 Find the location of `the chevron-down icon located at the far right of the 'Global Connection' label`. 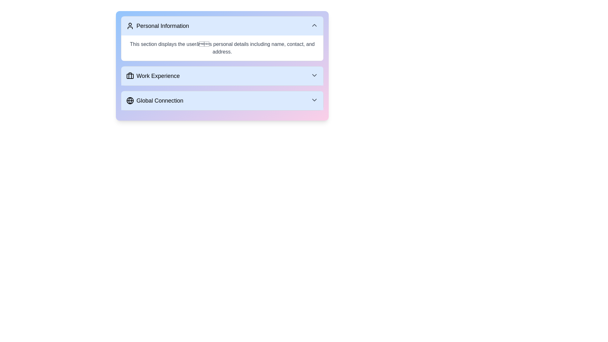

the chevron-down icon located at the far right of the 'Global Connection' label is located at coordinates (314, 100).